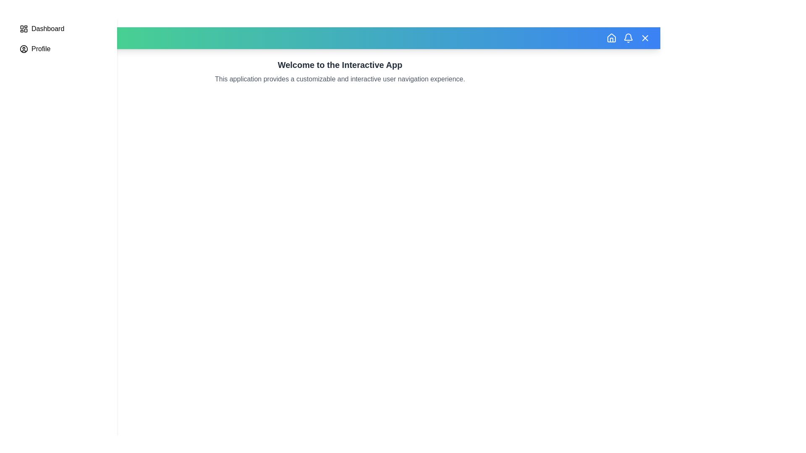  Describe the element at coordinates (628, 38) in the screenshot. I see `the bell icon button located` at that location.